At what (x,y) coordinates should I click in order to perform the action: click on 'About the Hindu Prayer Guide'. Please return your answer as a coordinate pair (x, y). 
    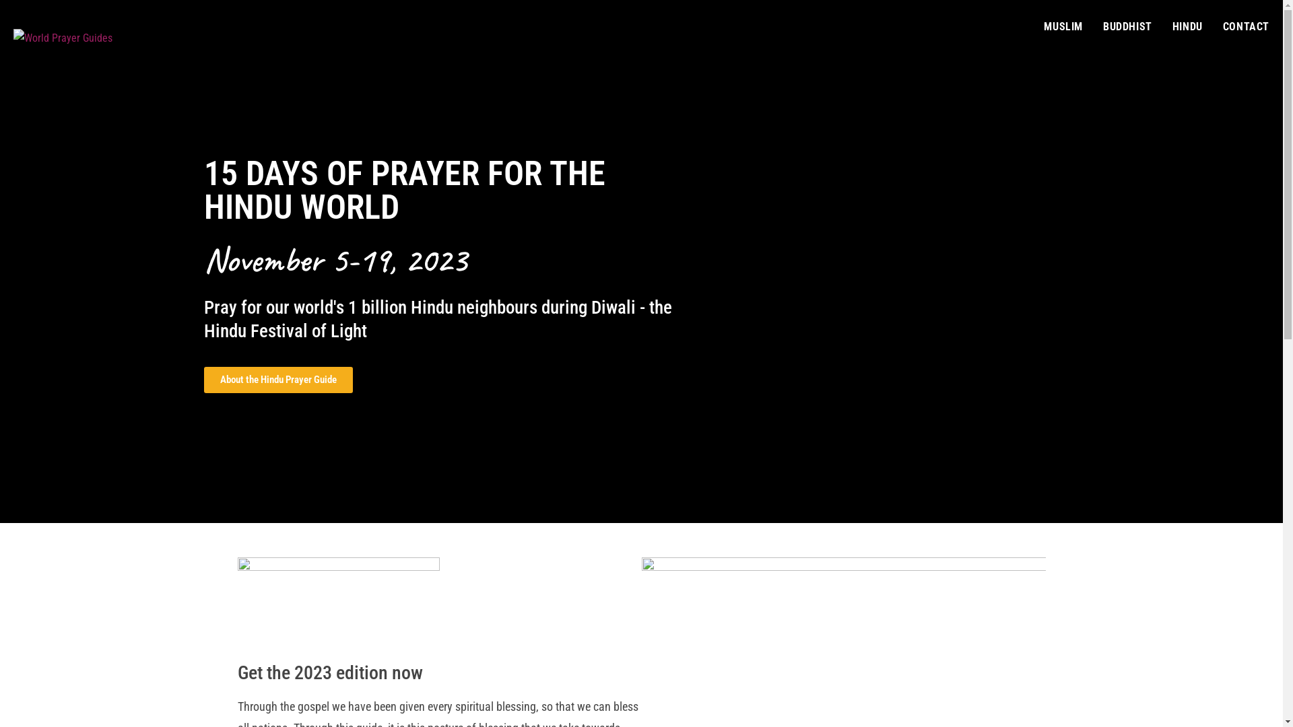
    Looking at the image, I should click on (277, 380).